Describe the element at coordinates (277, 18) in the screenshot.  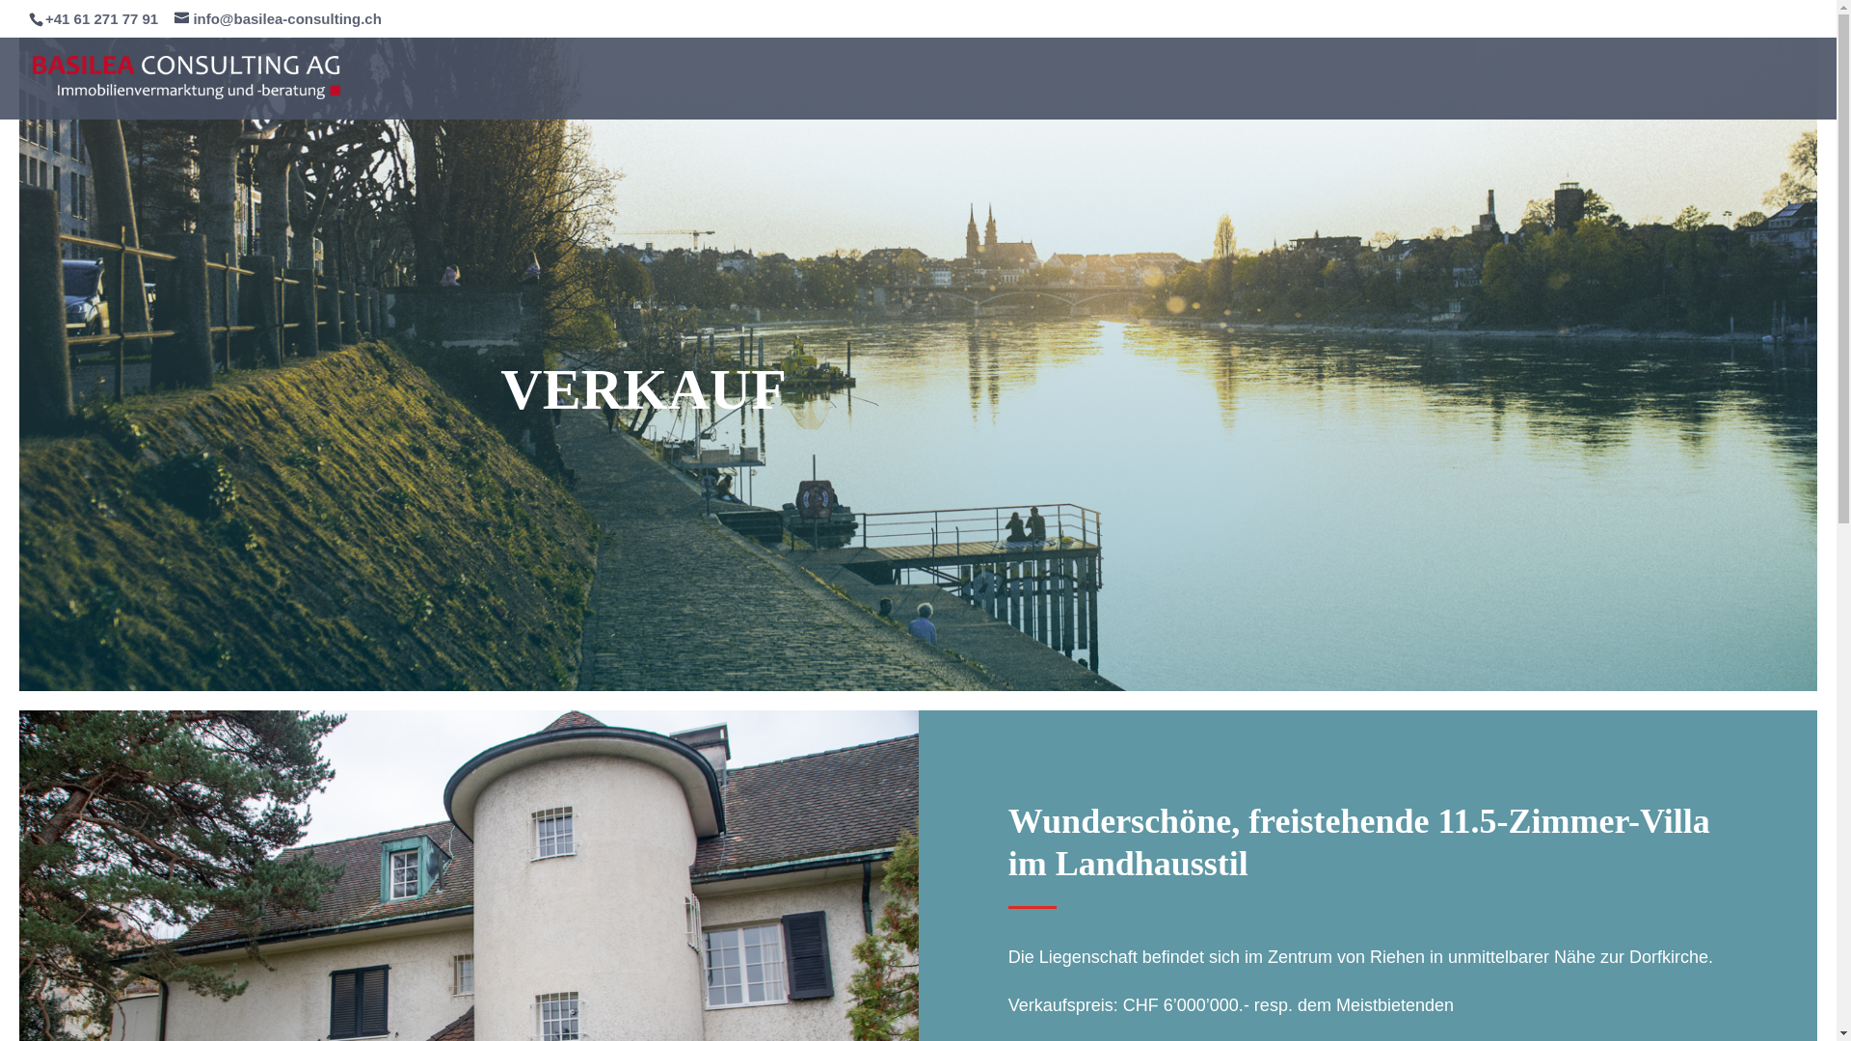
I see `'info@basilea-consulting.ch'` at that location.